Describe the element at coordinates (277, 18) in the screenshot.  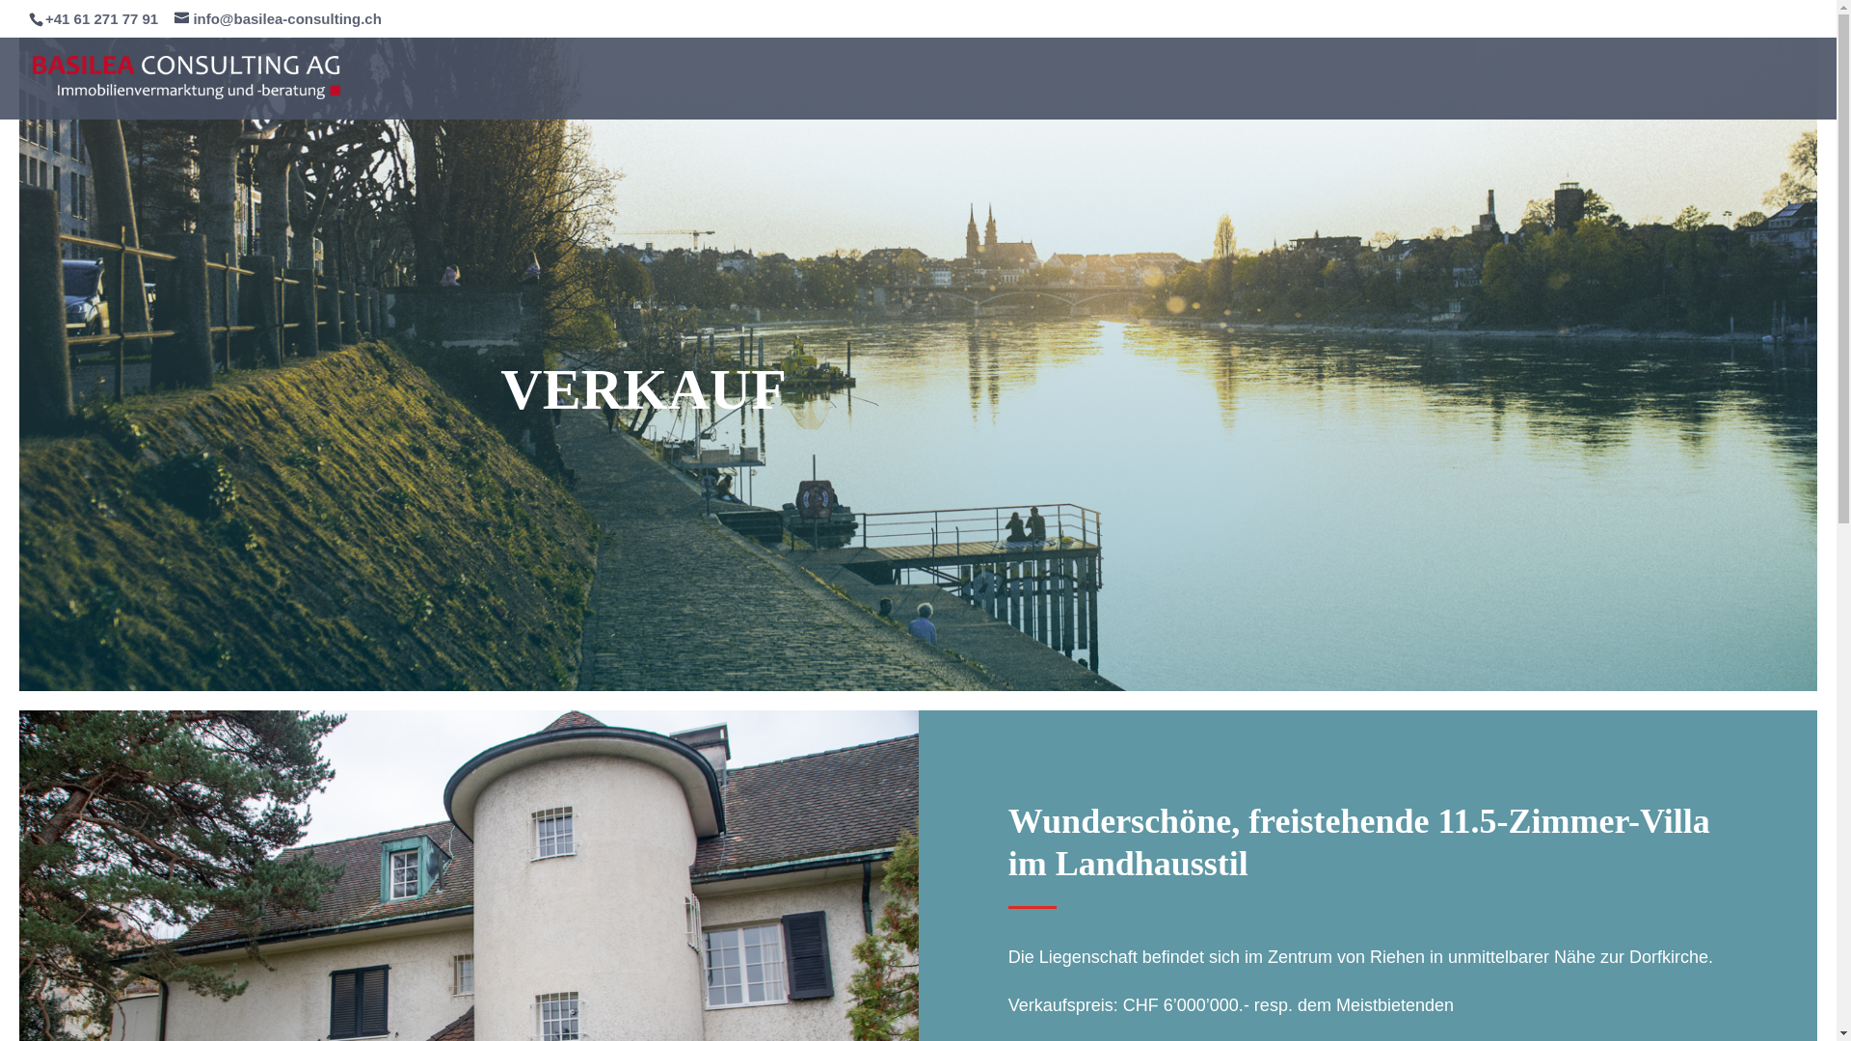
I see `'info@basilea-consulting.ch'` at that location.